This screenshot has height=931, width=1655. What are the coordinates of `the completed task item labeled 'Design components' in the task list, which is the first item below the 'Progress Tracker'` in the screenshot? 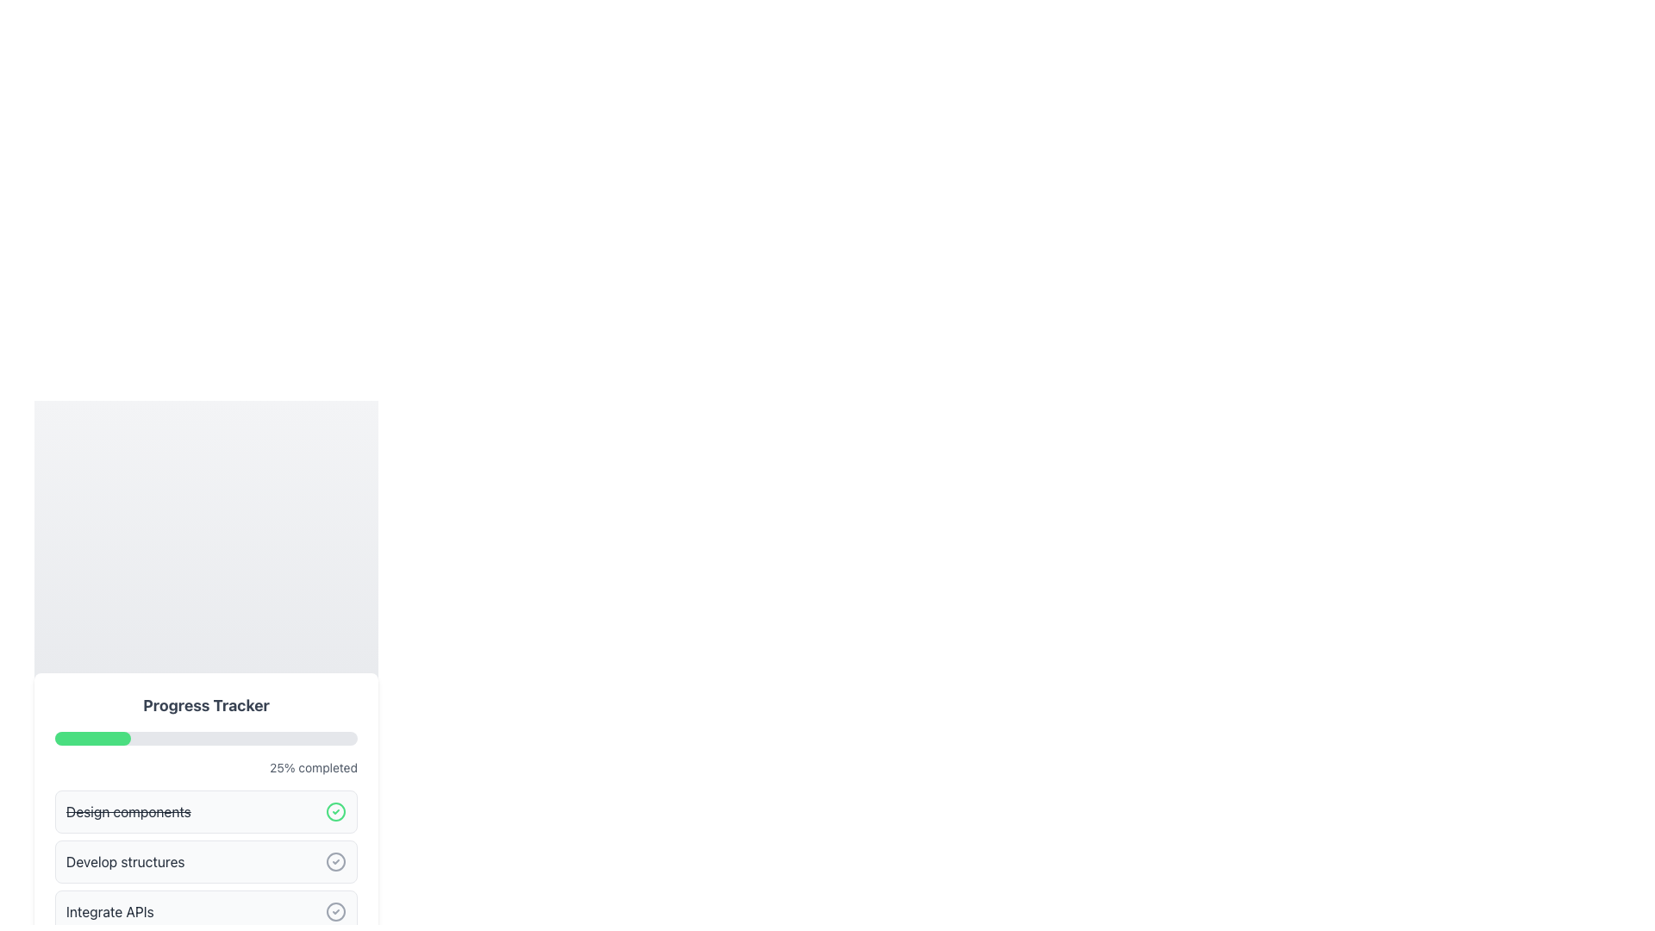 It's located at (206, 811).